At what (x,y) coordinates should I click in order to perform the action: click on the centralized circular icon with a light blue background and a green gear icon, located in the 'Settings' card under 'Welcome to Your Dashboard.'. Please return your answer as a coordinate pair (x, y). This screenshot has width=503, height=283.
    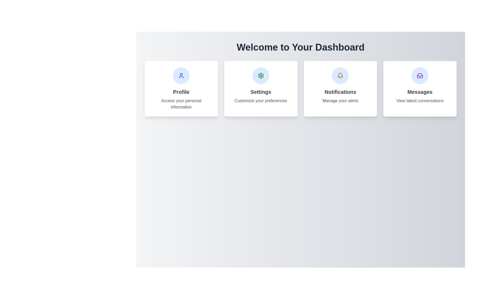
    Looking at the image, I should click on (261, 76).